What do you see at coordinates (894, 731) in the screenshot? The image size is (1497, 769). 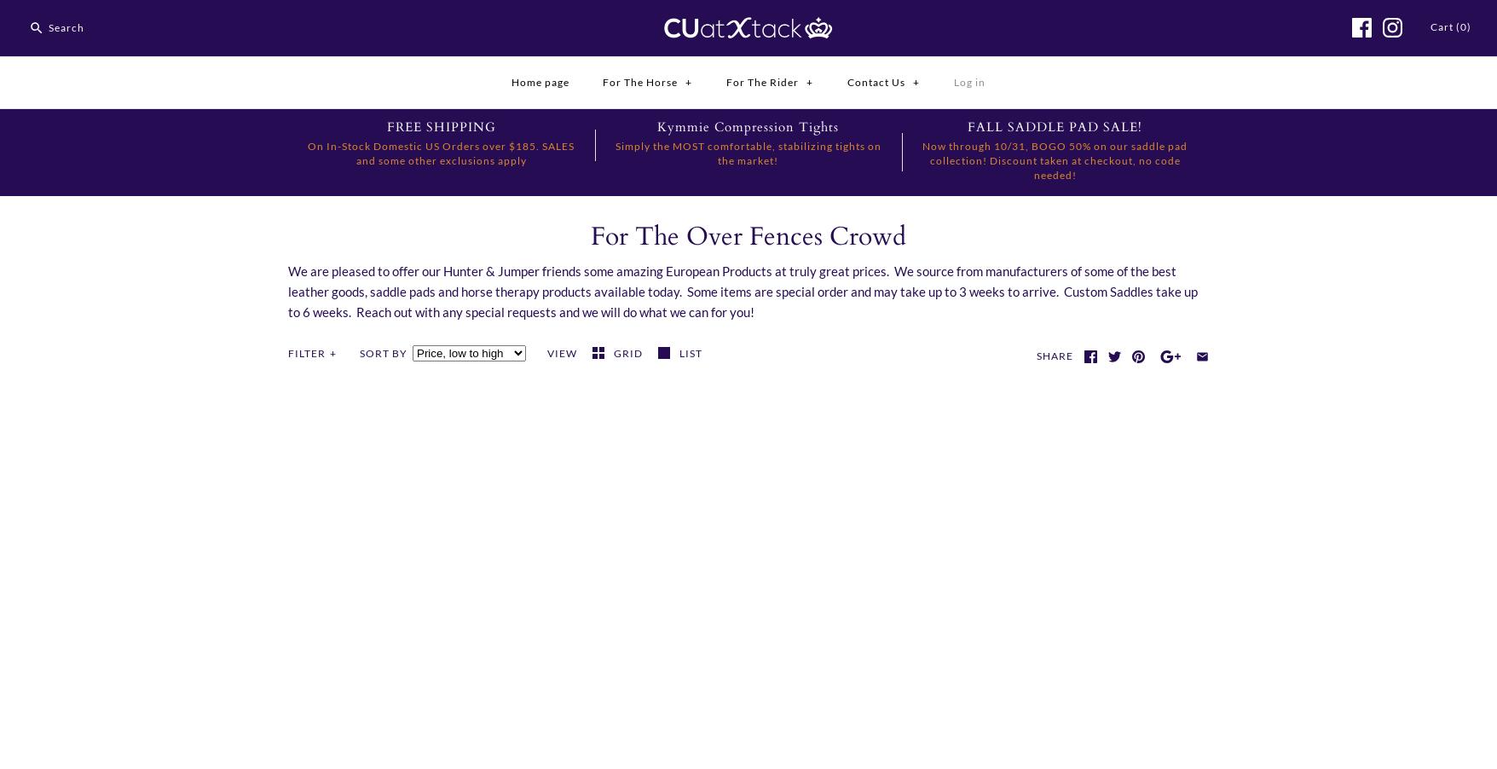 I see `'$24.00'` at bounding box center [894, 731].